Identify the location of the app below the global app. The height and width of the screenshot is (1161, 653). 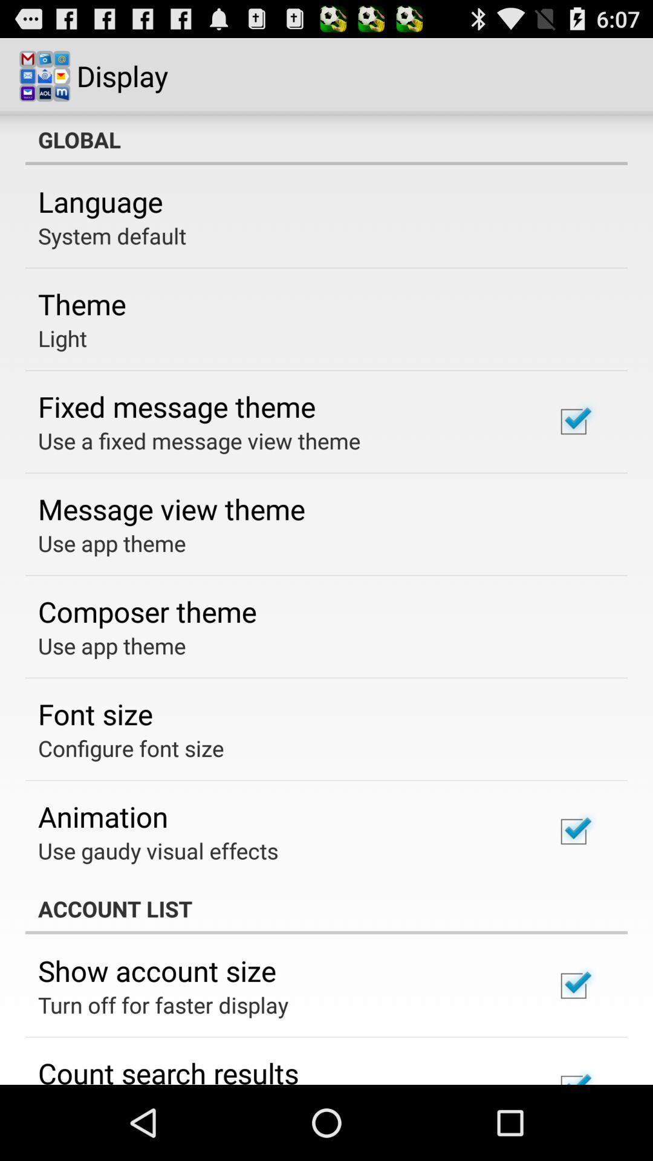
(100, 201).